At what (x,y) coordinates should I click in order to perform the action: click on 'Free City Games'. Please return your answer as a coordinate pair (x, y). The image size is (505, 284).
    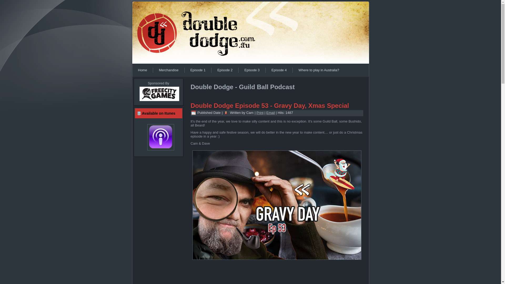
    Looking at the image, I should click on (159, 101).